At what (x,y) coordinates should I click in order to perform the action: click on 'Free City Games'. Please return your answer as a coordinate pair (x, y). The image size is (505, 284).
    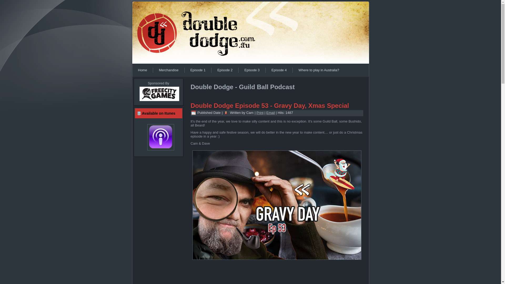
    Looking at the image, I should click on (159, 101).